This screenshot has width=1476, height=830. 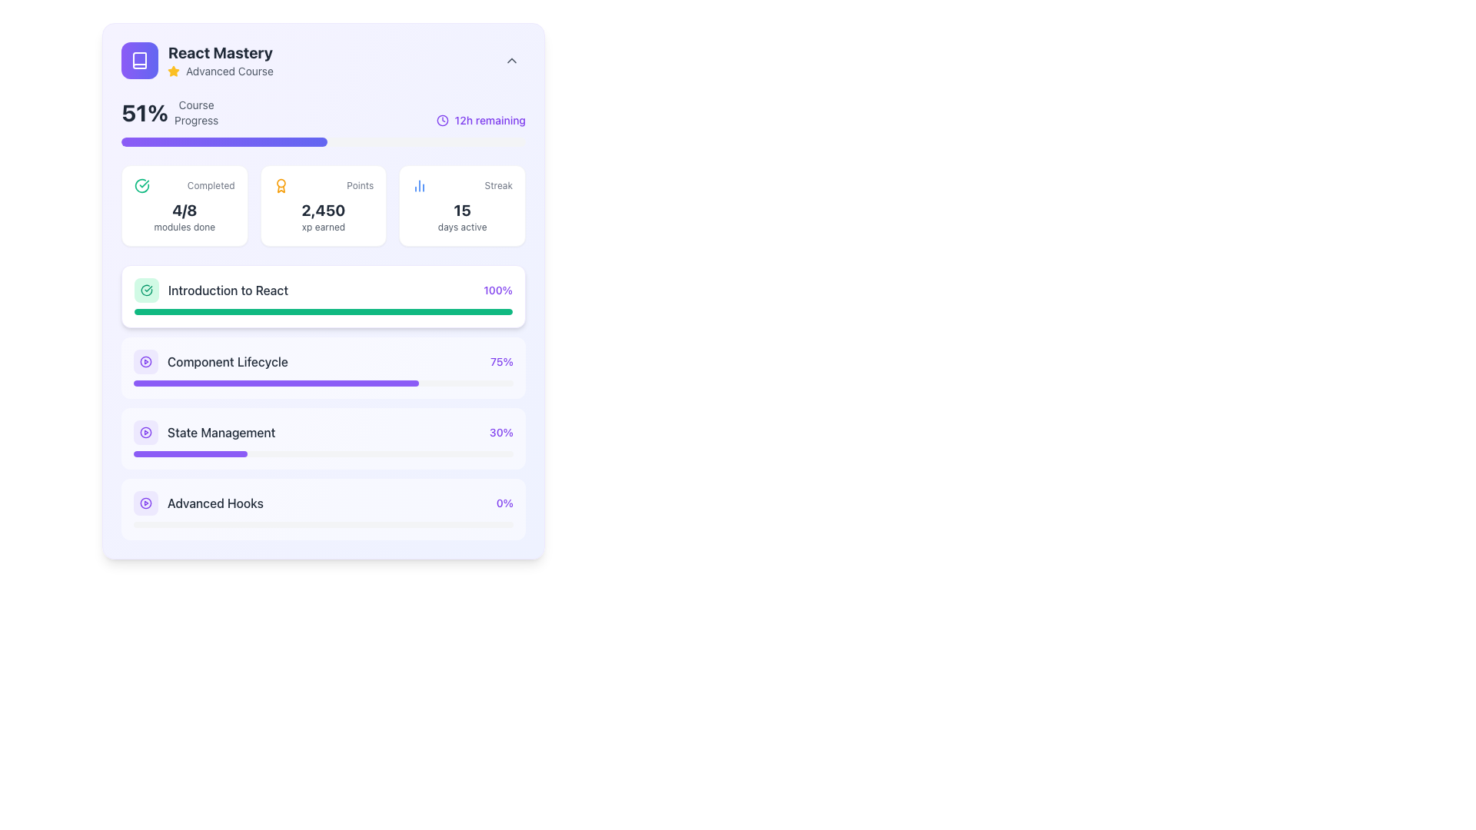 What do you see at coordinates (146, 361) in the screenshot?
I see `the rounded rectangle Icon Button with a violet background, which contains a play button icon` at bounding box center [146, 361].